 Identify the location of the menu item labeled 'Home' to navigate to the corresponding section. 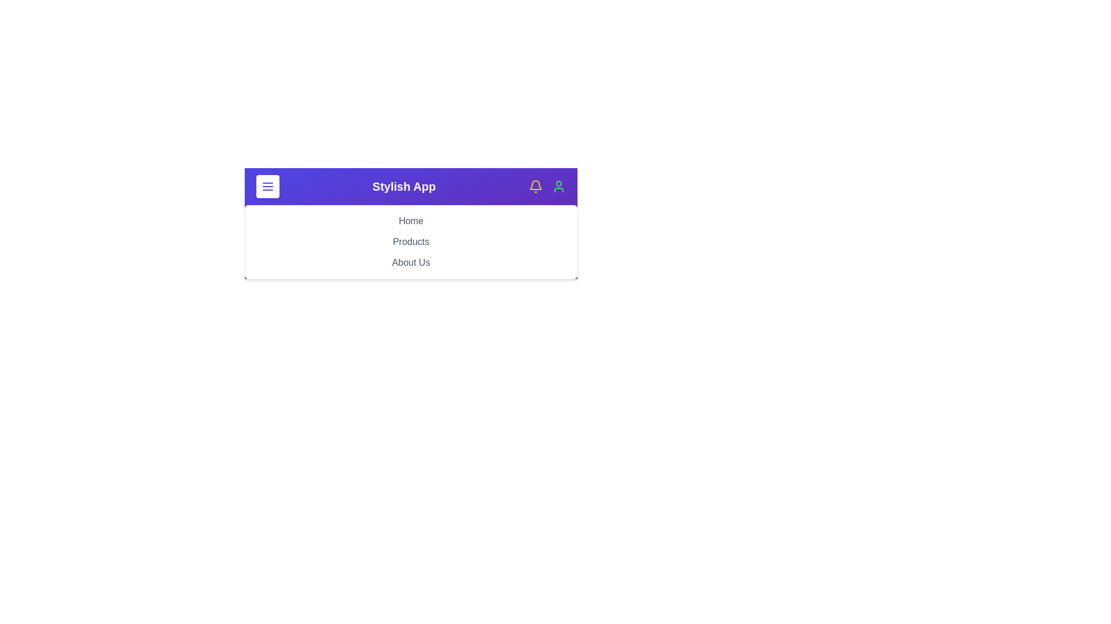
(411, 221).